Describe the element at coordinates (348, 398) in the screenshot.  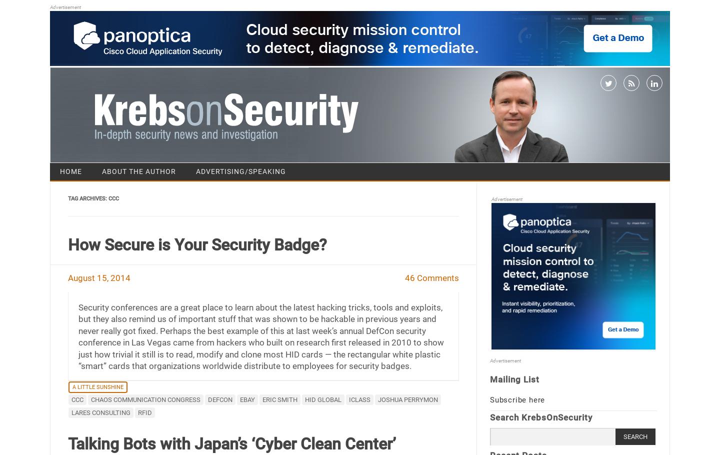
I see `'iClass'` at that location.